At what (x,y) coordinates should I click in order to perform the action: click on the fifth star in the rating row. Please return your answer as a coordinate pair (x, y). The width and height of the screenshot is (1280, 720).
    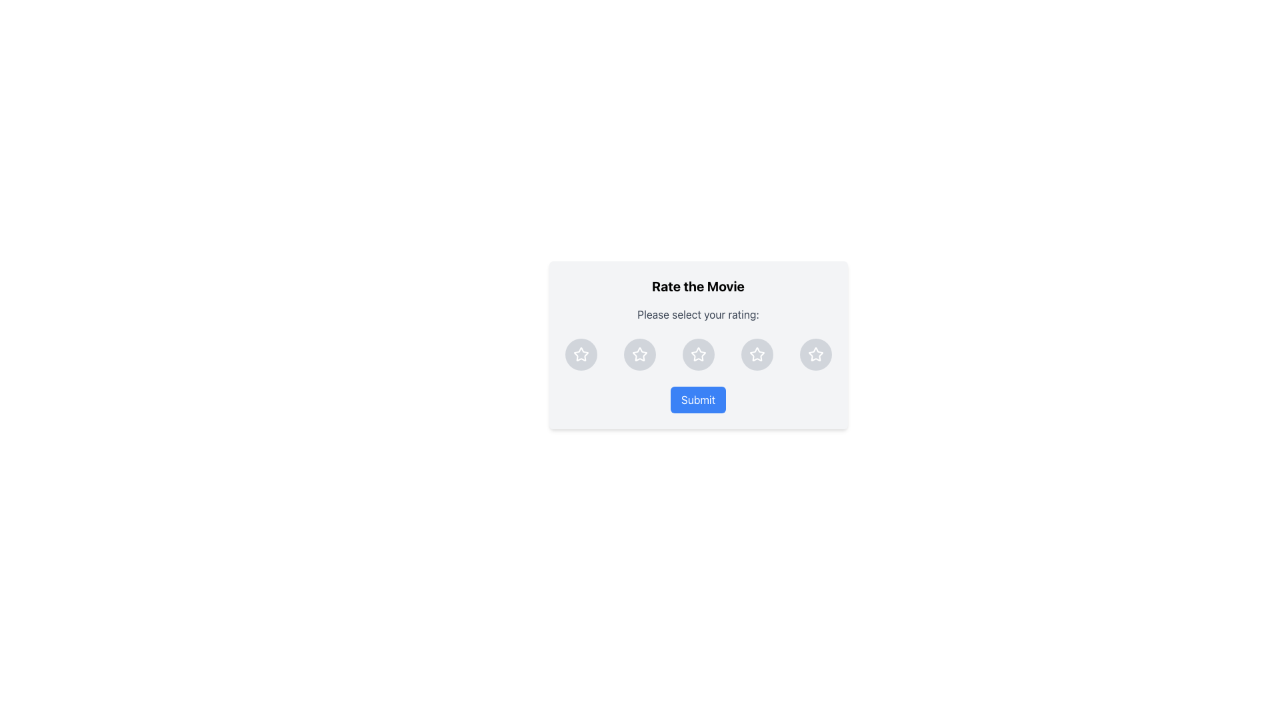
    Looking at the image, I should click on (756, 353).